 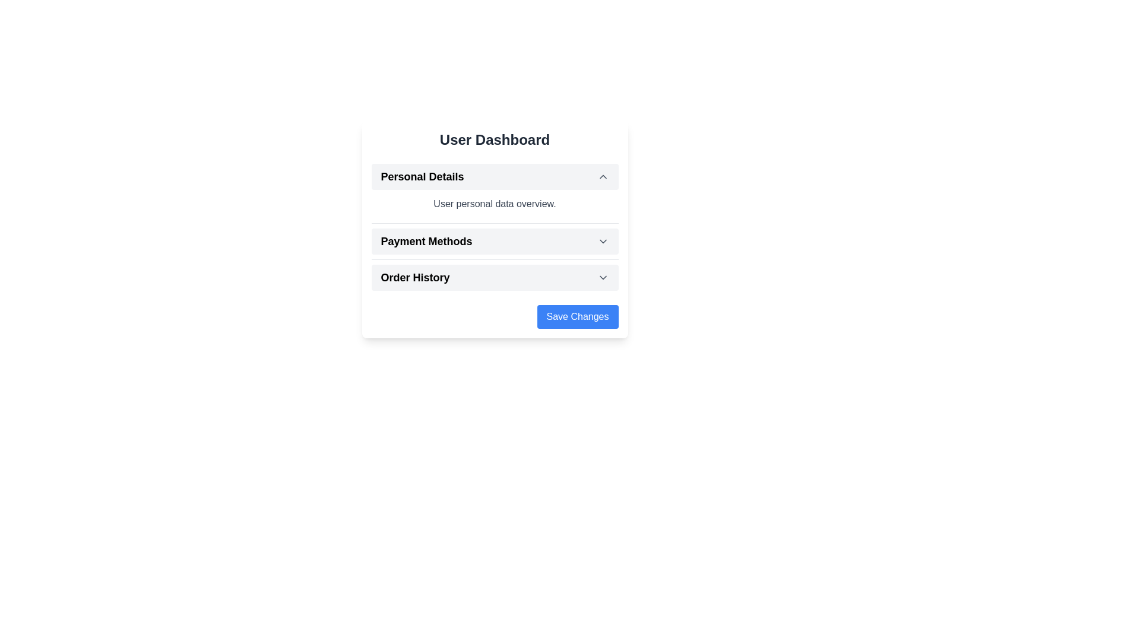 I want to click on the 'Payment Methods' dropdown menu toggle, so click(x=495, y=241).